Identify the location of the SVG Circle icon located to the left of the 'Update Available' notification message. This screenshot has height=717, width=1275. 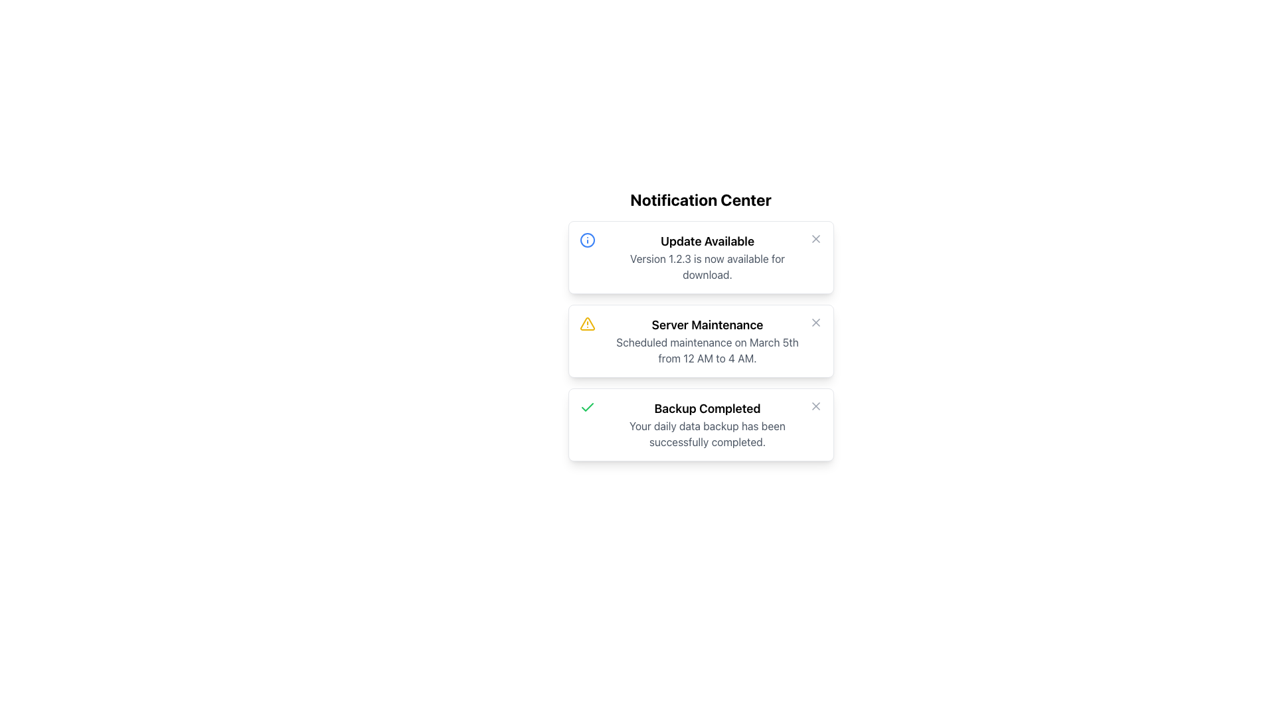
(586, 240).